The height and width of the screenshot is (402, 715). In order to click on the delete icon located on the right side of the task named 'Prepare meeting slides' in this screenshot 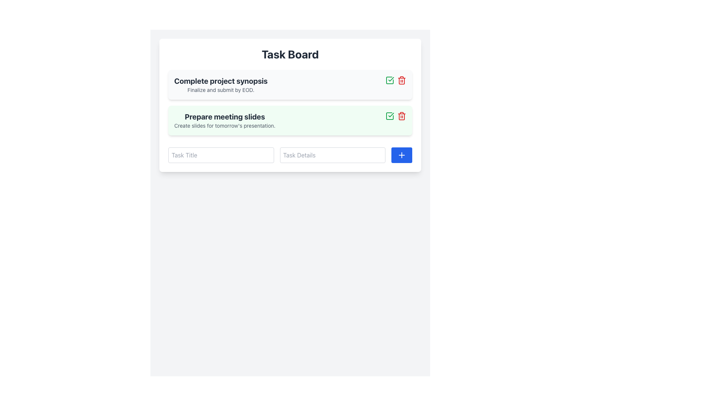, I will do `click(401, 80)`.